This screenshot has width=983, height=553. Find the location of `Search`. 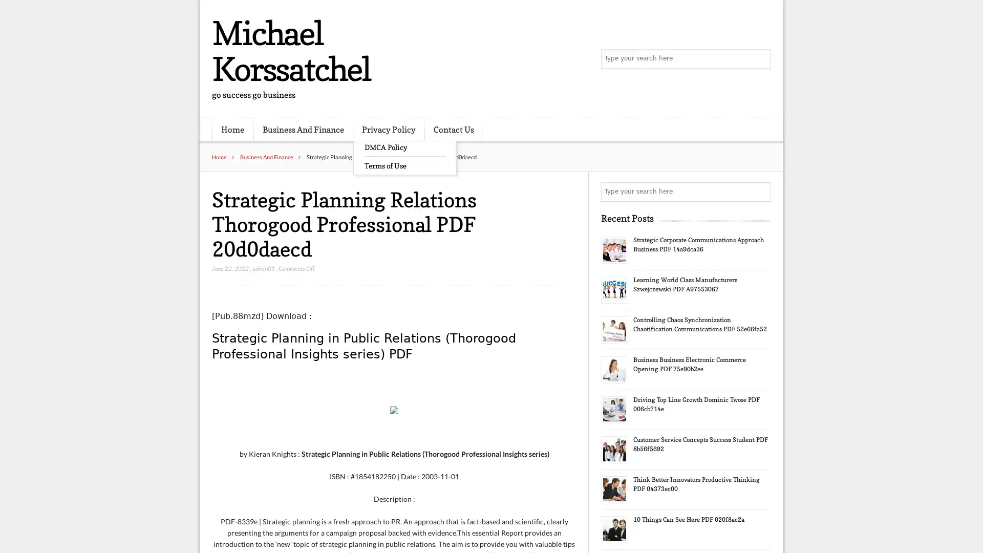

Search is located at coordinates (760, 192).